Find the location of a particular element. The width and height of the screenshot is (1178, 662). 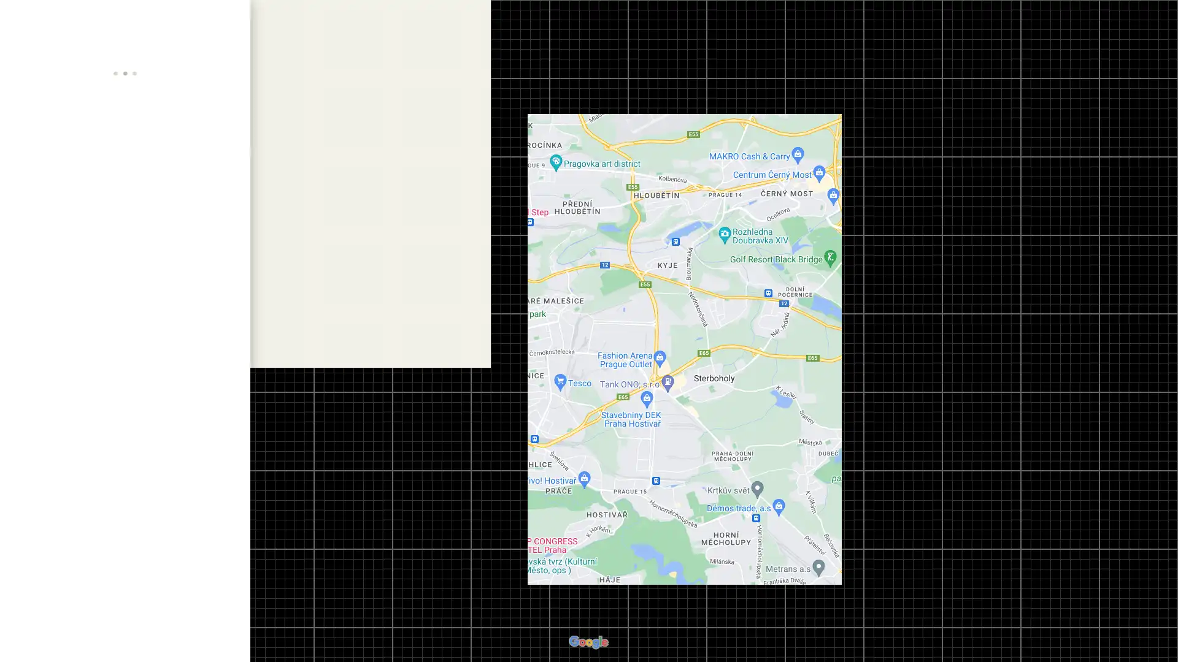

Menu is located at coordinates (21, 21).